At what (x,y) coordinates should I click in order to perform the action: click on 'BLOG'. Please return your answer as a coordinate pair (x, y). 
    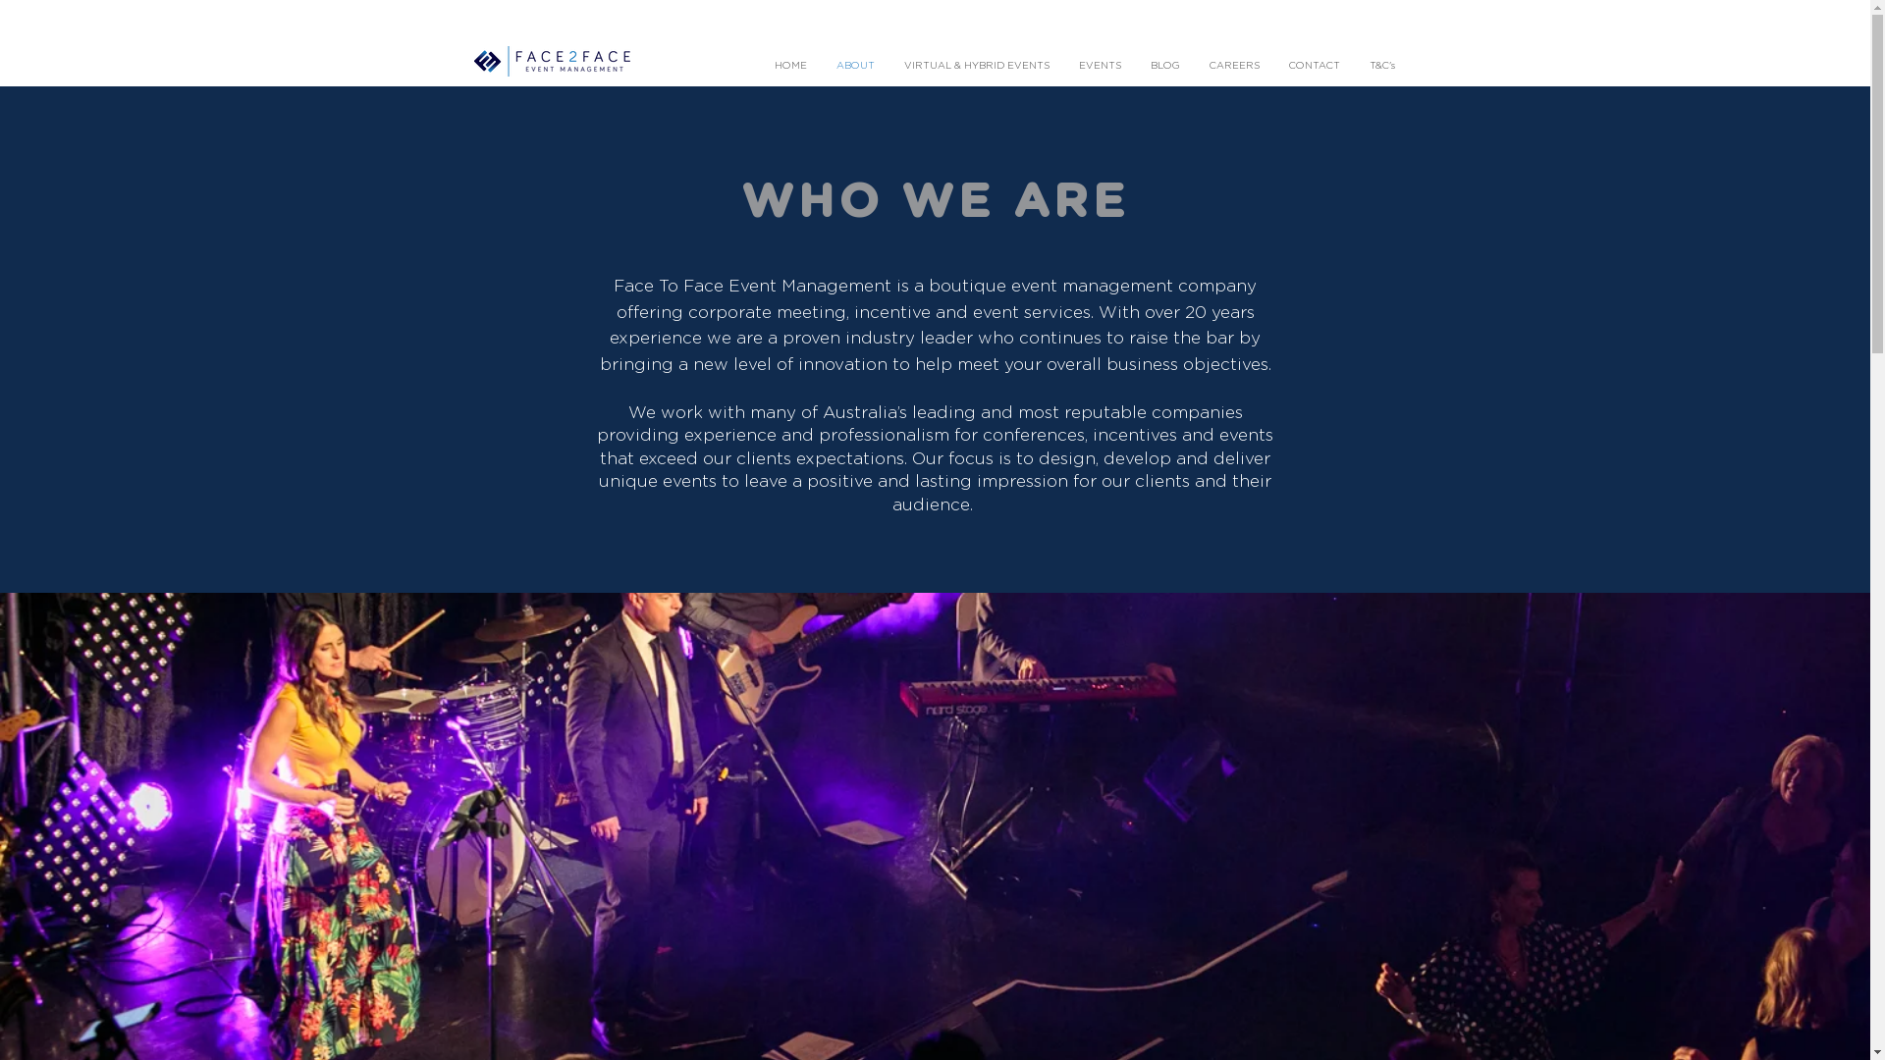
    Looking at the image, I should click on (1135, 65).